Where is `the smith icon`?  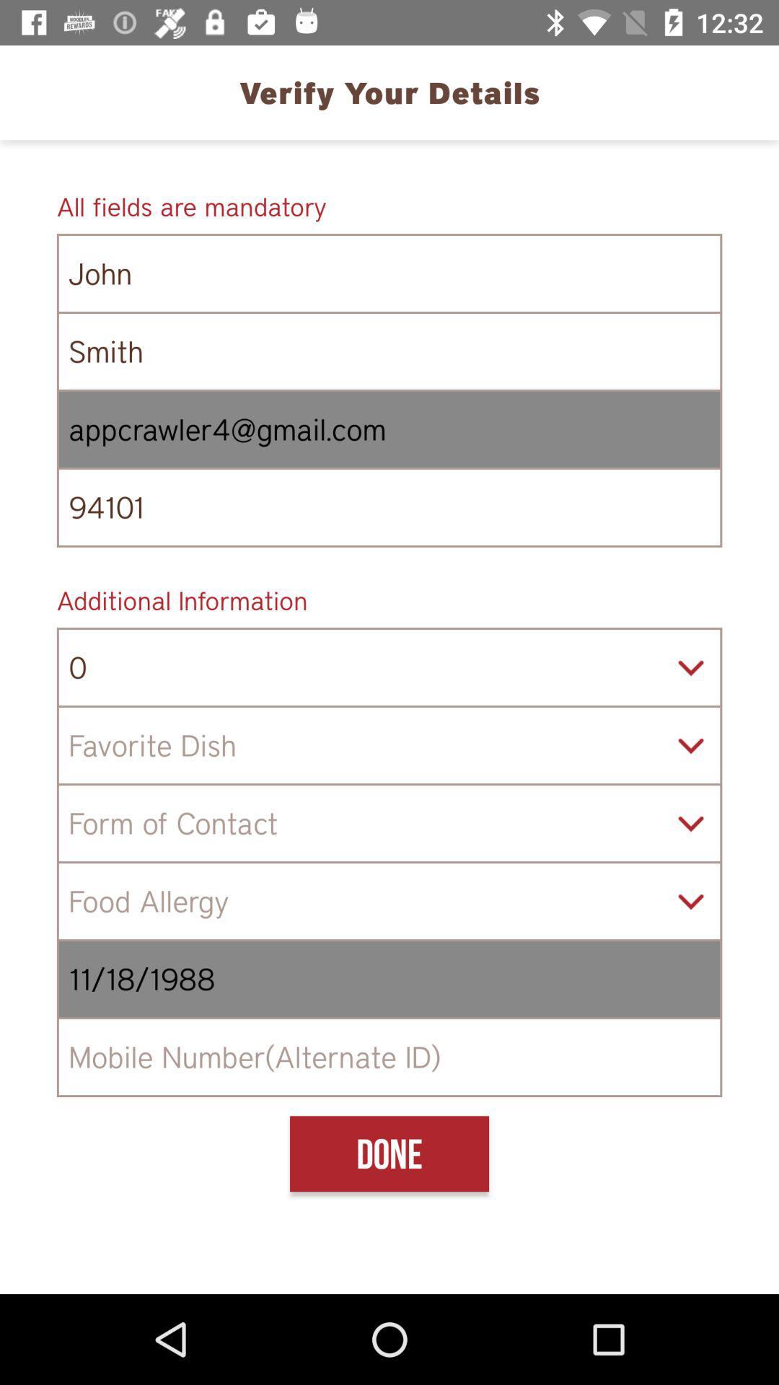 the smith icon is located at coordinates (389, 351).